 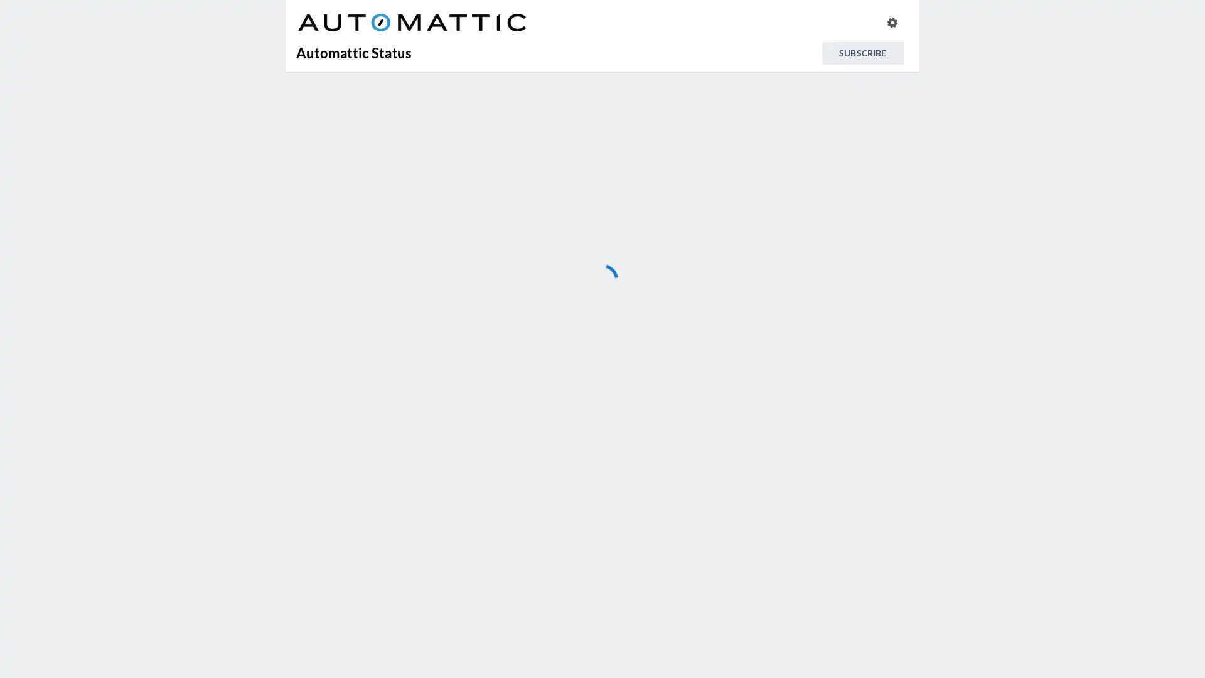 I want to click on Gravatar Response Time : 20 ms, so click(x=526, y=328).